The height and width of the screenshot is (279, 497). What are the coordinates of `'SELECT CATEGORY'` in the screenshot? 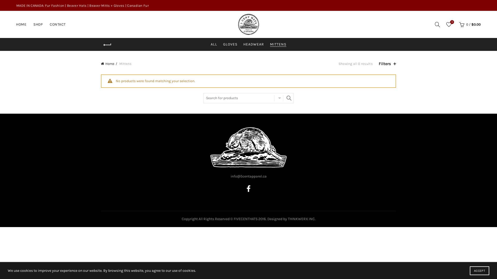 It's located at (278, 98).